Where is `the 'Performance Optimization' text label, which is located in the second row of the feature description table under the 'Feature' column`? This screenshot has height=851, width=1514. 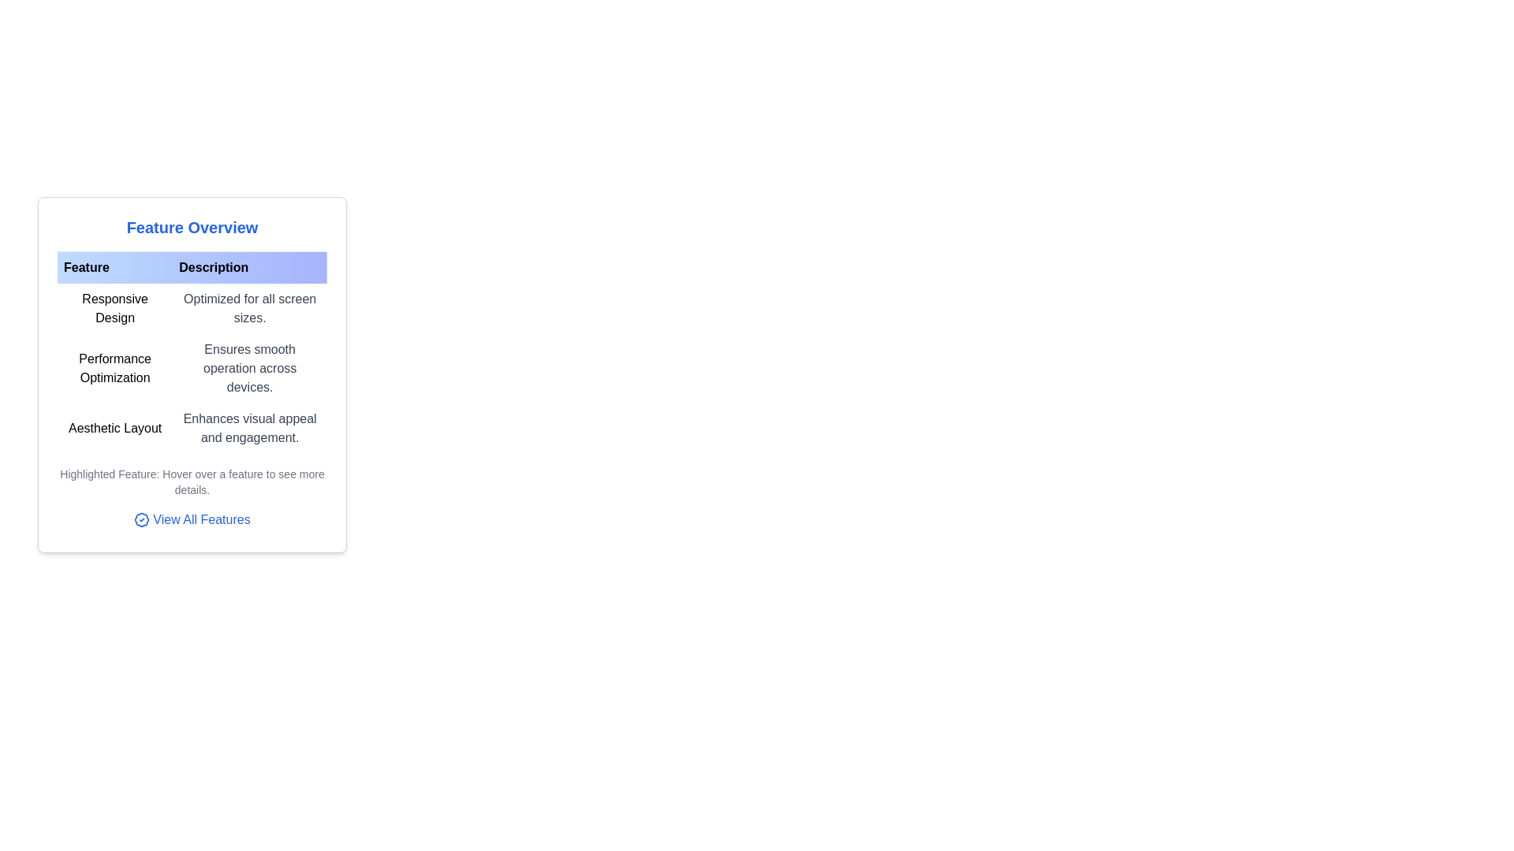
the 'Performance Optimization' text label, which is located in the second row of the feature description table under the 'Feature' column is located at coordinates (114, 368).